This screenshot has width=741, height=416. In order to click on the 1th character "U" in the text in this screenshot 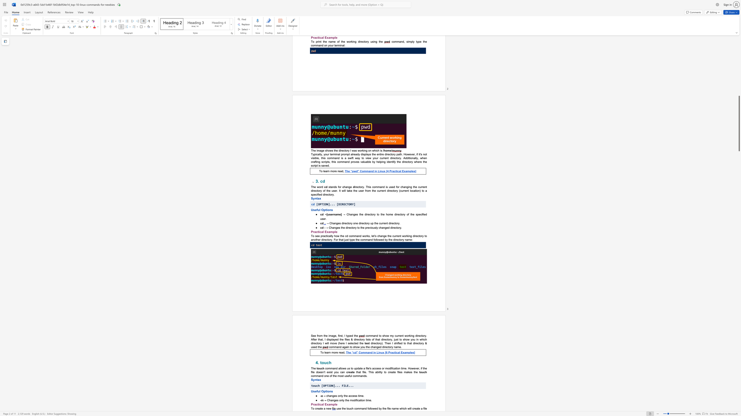, I will do `click(312, 391)`.